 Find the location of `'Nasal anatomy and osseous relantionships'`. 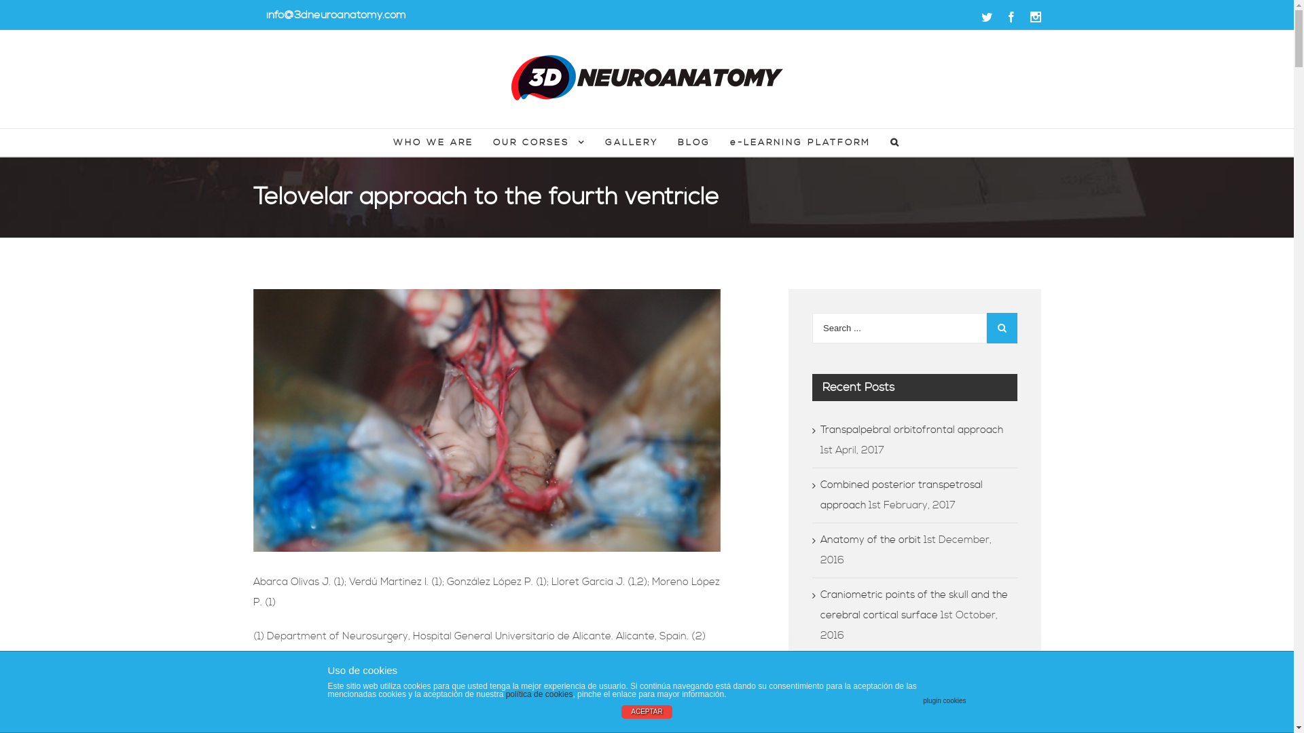

'Nasal anatomy and osseous relantionships' is located at coordinates (888, 680).